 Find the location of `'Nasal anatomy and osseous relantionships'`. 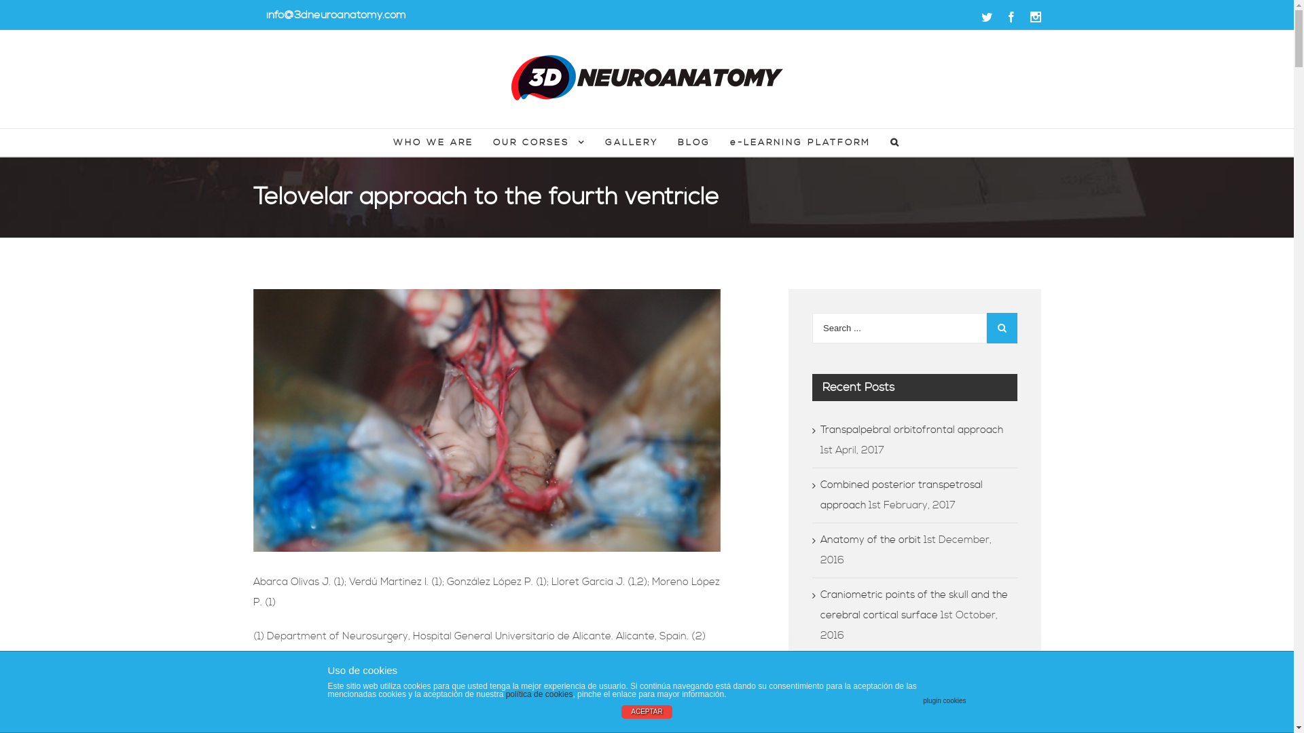

'Nasal anatomy and osseous relantionships' is located at coordinates (888, 680).